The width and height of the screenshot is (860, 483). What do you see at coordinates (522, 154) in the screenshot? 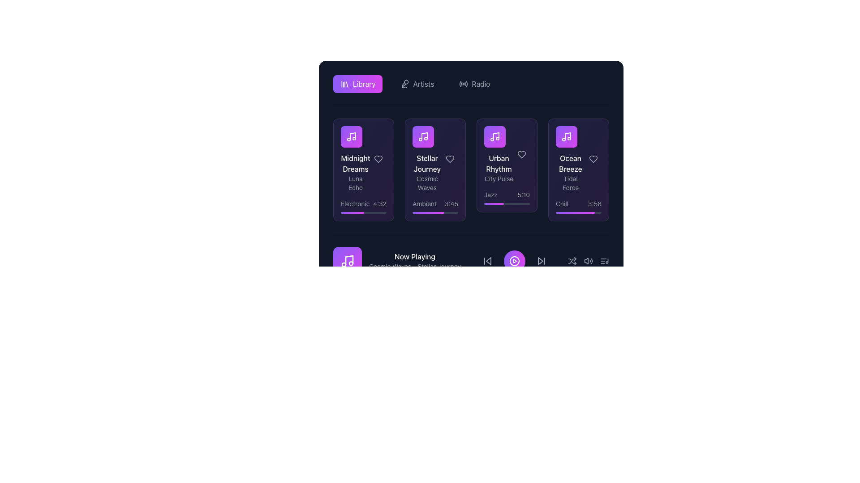
I see `the heart icon located in the top-right corner of the 'Urban Rhythm' content card to mark the associated content as liked` at bounding box center [522, 154].